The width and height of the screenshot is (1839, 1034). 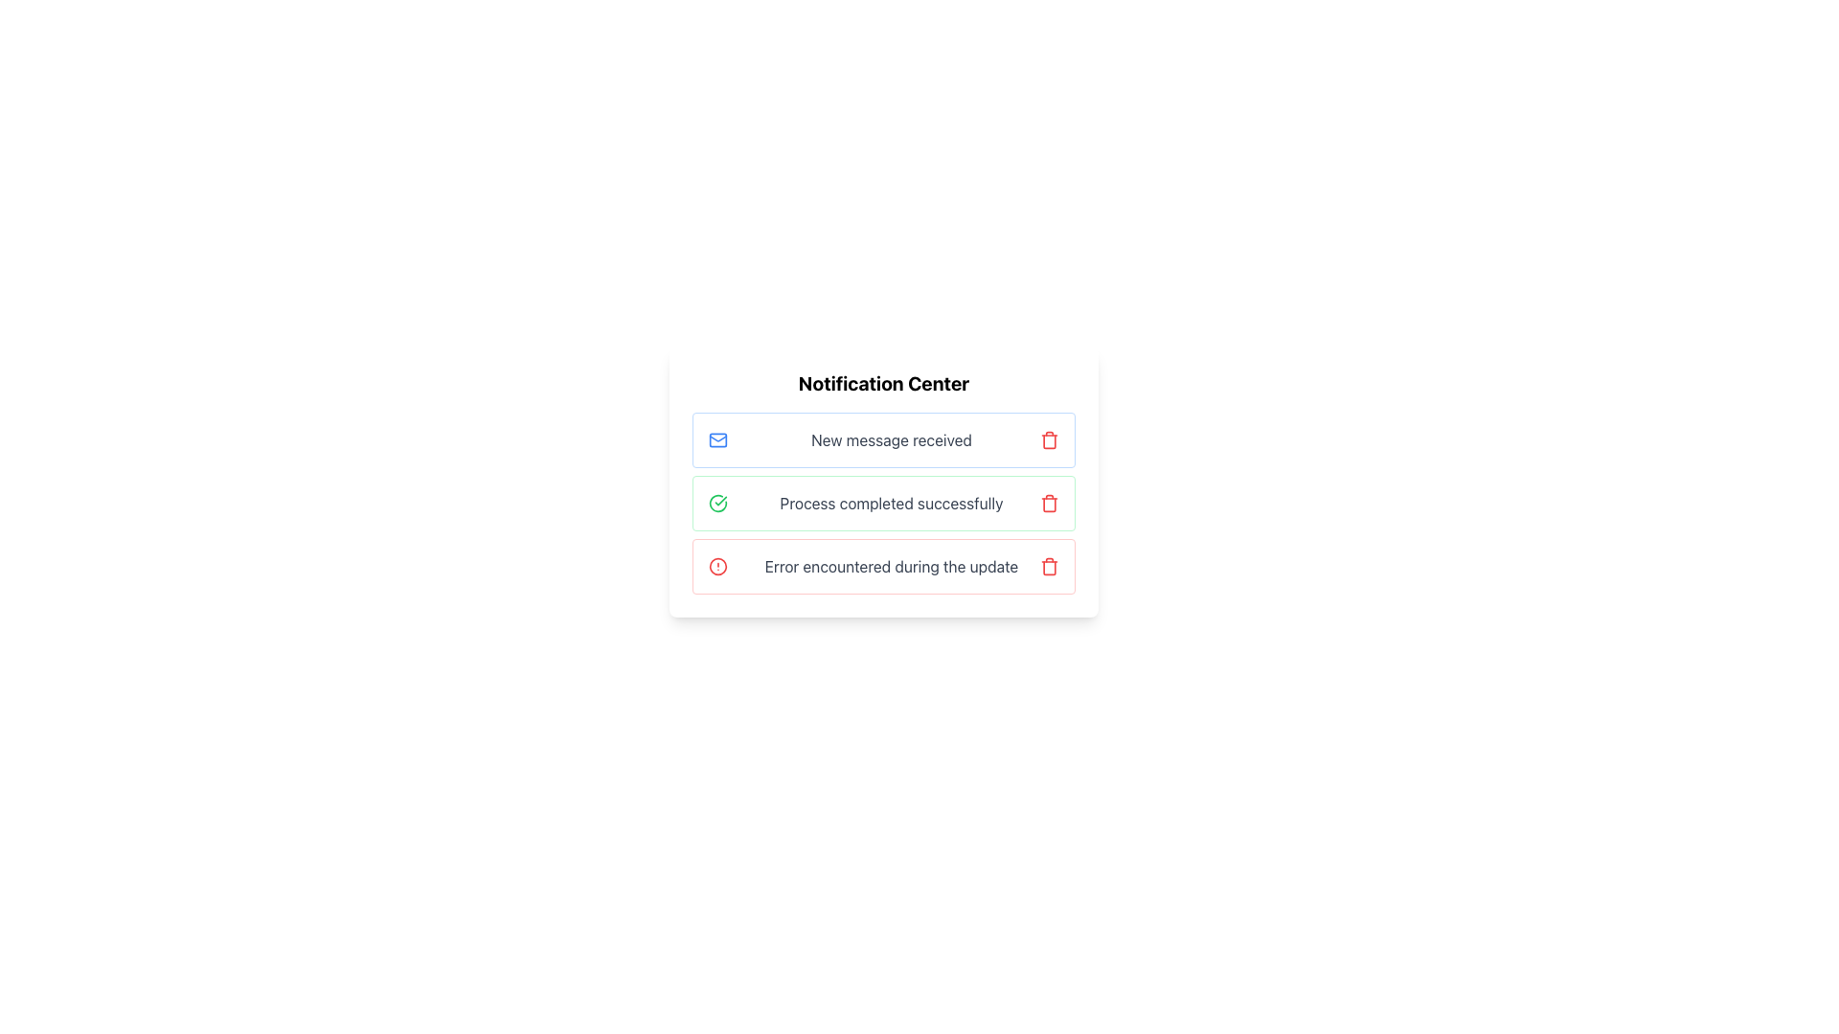 I want to click on the delete button located in the last row of the notification list, which is aligned to the far right next to the notification text 'Error encountered during the update', so click(x=1048, y=565).